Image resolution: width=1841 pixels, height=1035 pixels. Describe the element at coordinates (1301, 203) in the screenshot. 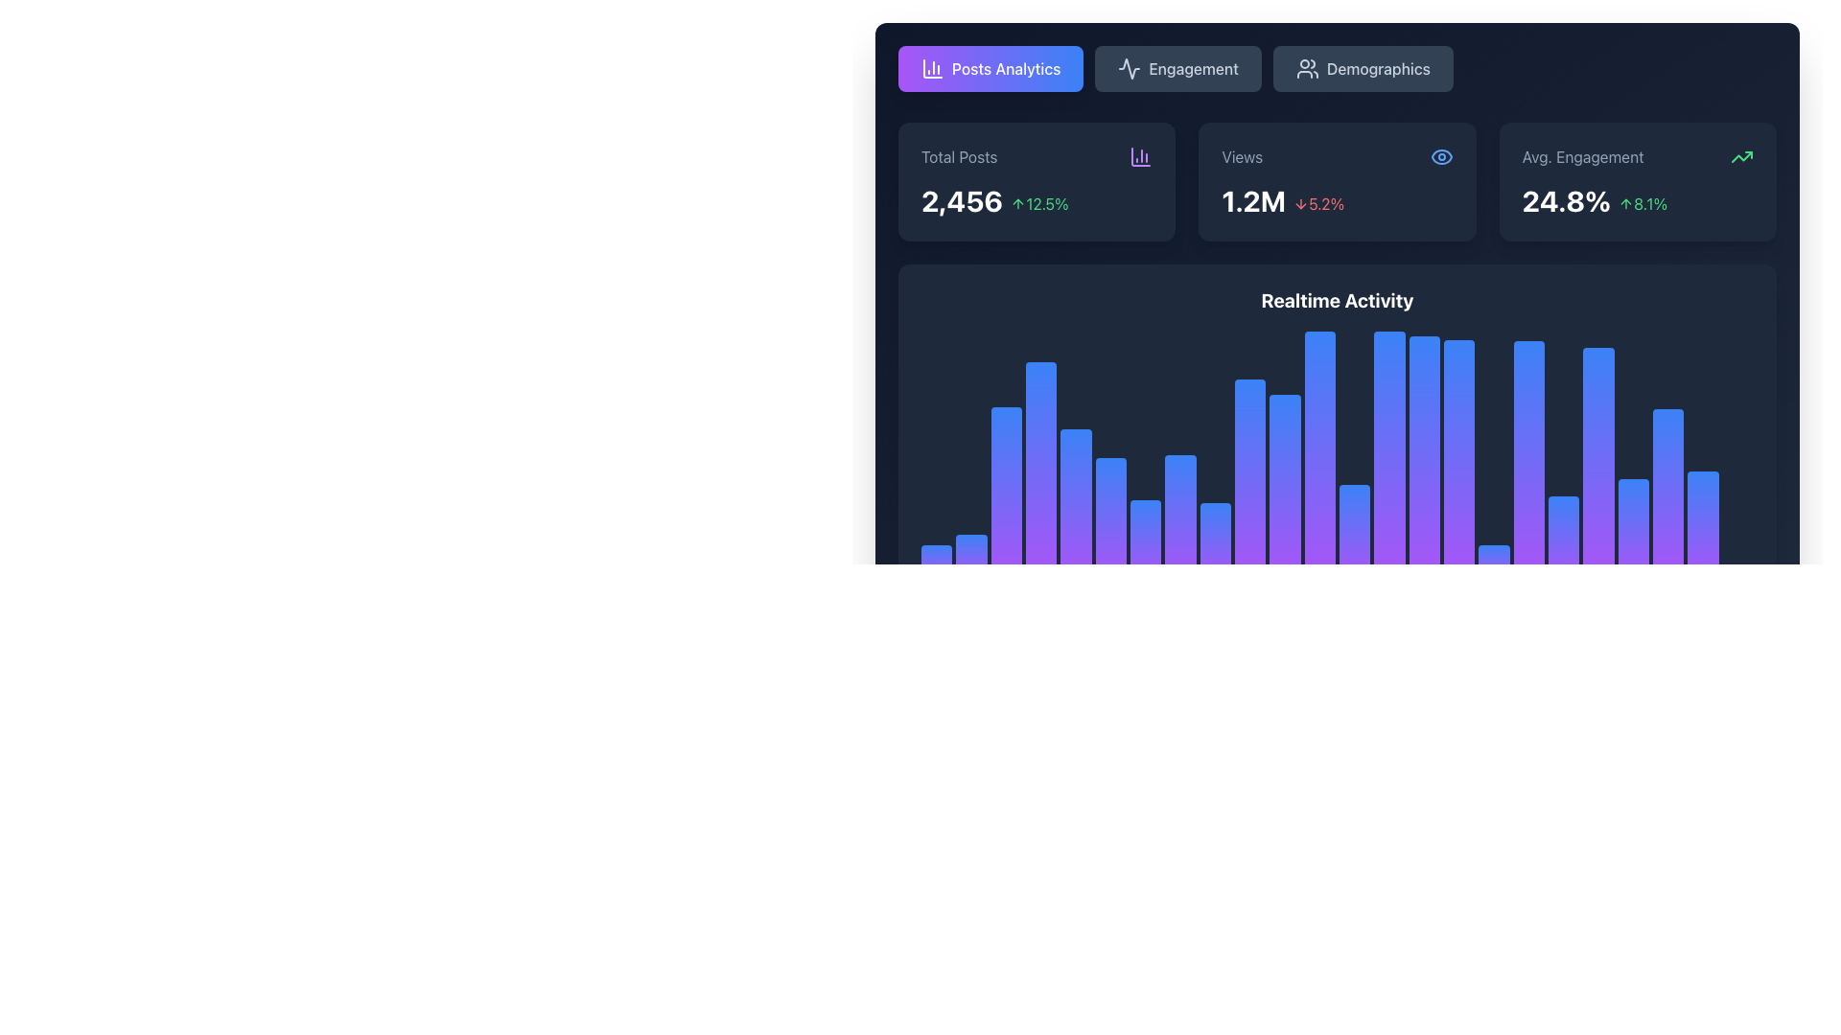

I see `the downward arrow icon located under the 'Views' label, to the left of '1.2M' and next to '5.2%'` at that location.